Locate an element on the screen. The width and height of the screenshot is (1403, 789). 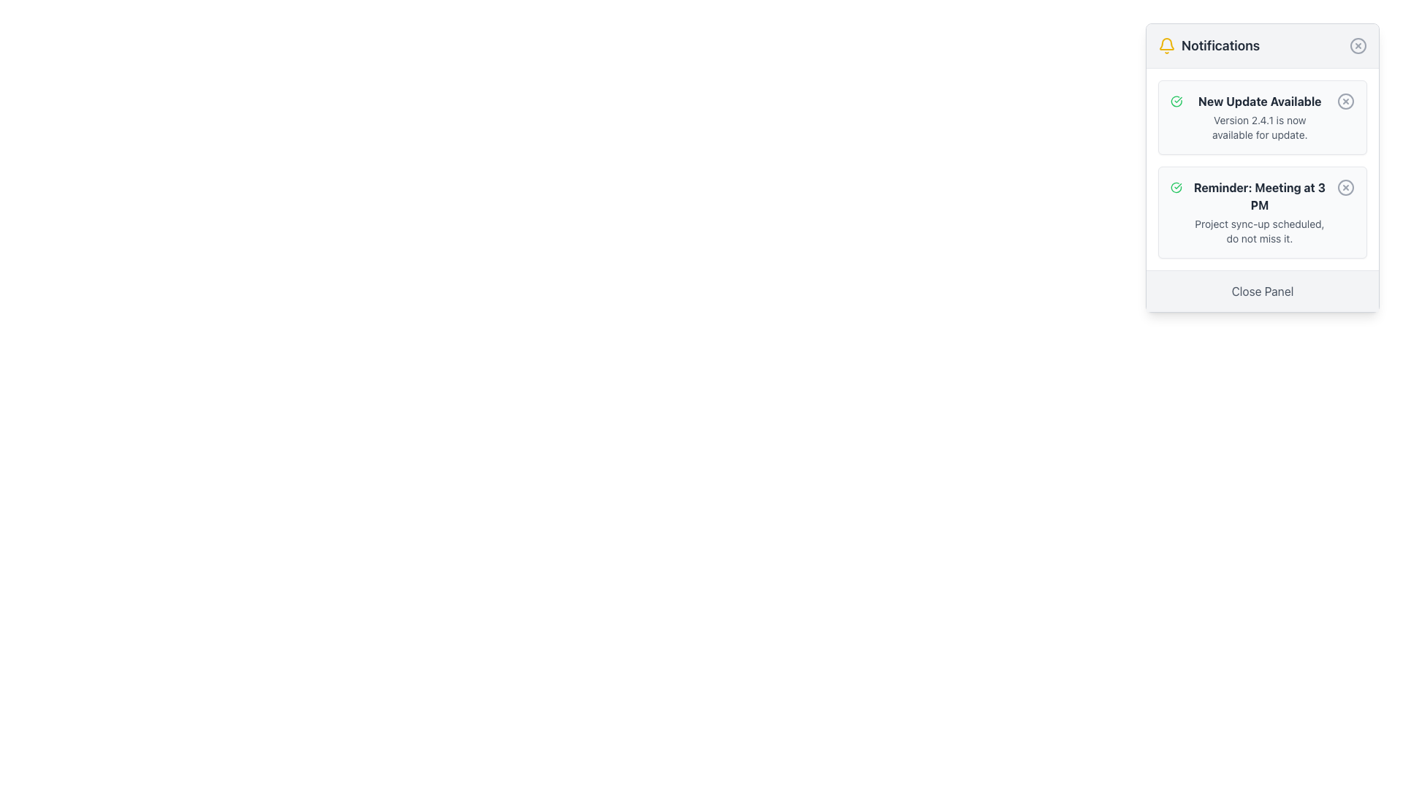
the close button icon located at the top-right corner of the notification panel is located at coordinates (1357, 45).